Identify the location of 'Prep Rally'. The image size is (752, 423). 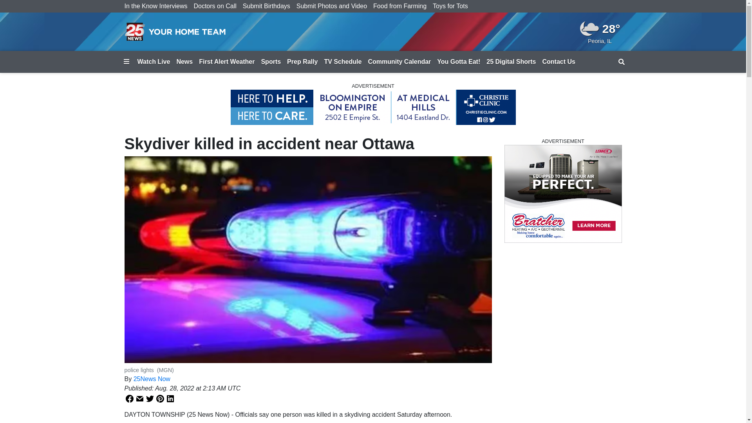
(283, 61).